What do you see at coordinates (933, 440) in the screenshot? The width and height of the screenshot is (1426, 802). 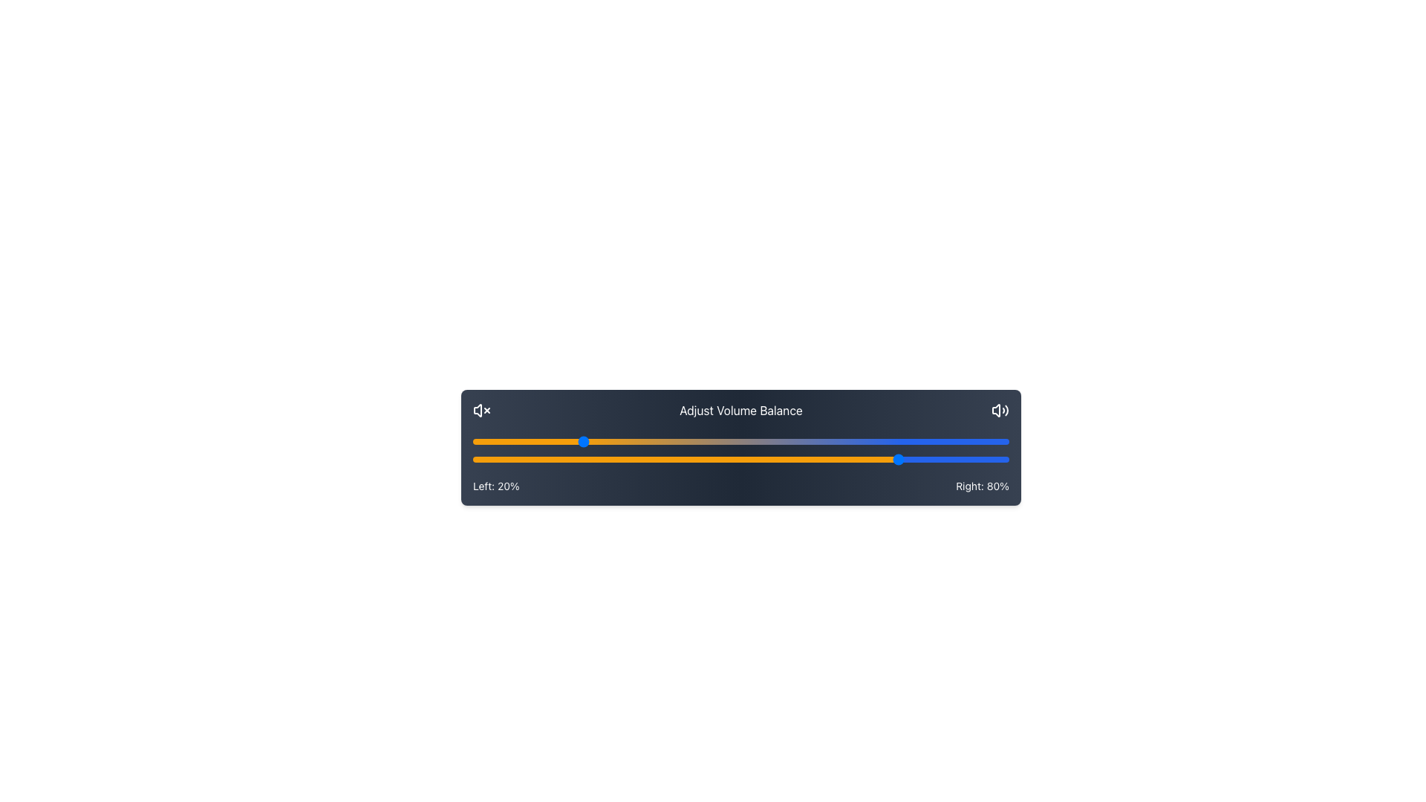 I see `the left balance` at bounding box center [933, 440].